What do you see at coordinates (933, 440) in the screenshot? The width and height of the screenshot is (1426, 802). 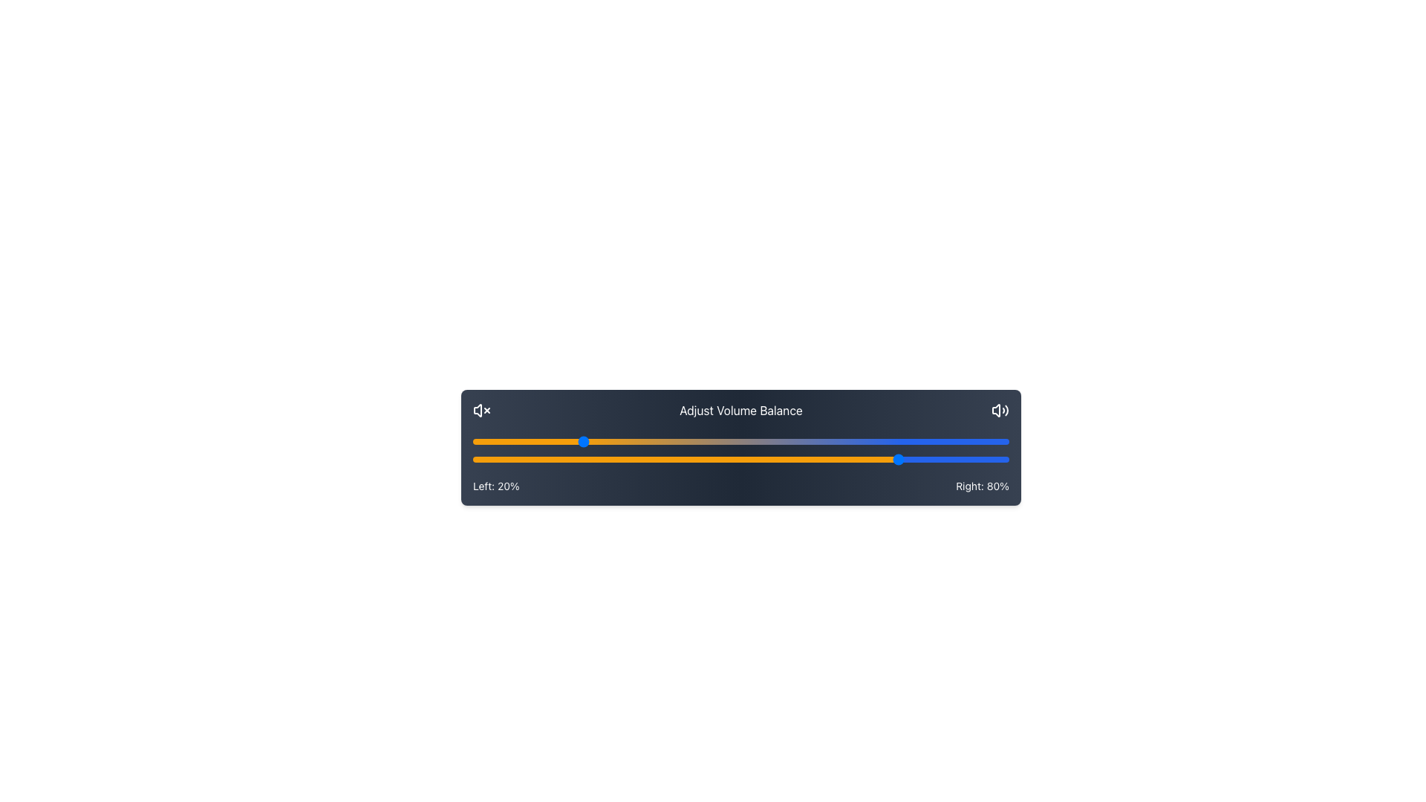 I see `the left balance` at bounding box center [933, 440].